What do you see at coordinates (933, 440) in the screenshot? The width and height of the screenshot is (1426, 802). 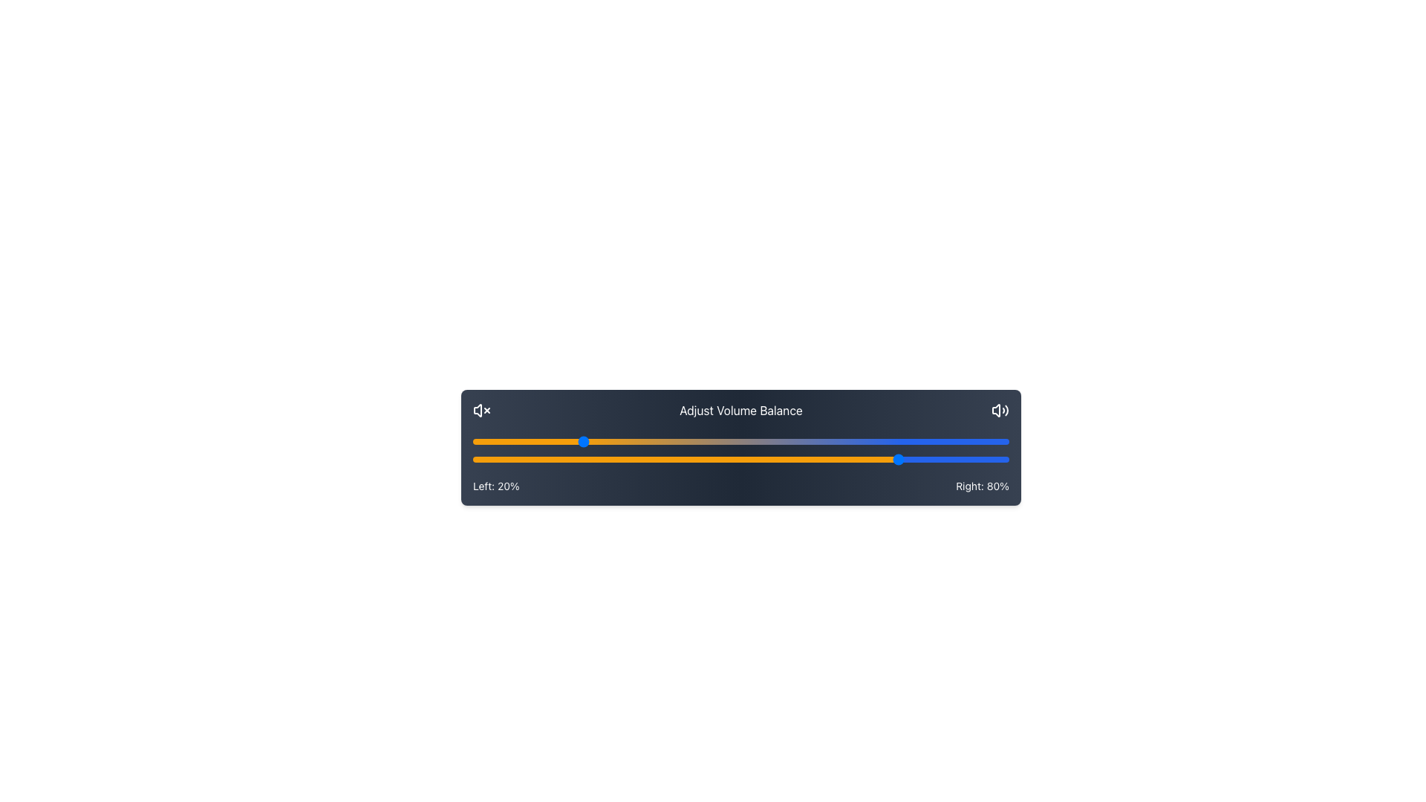 I see `the left balance` at bounding box center [933, 440].